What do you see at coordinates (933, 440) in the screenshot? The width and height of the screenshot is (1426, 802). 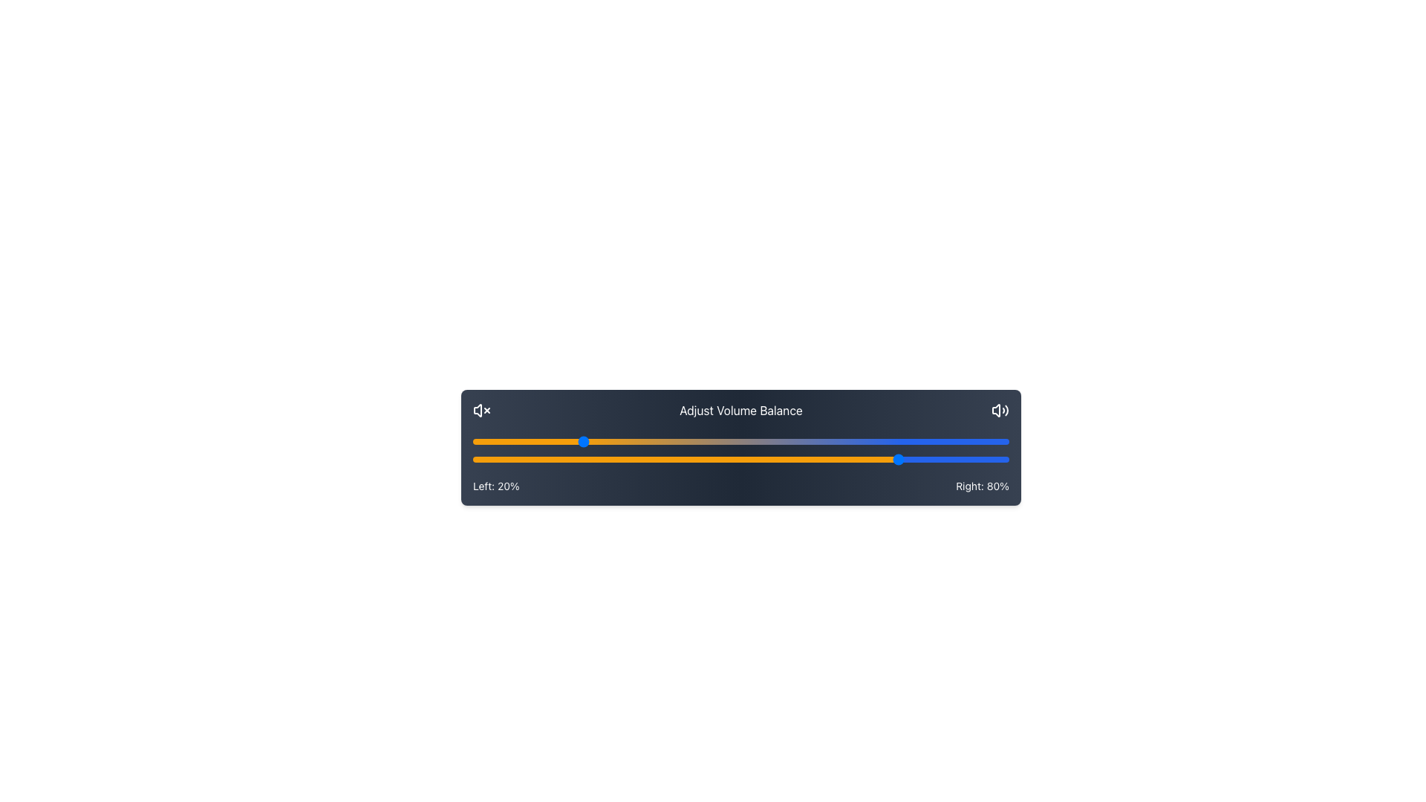 I see `the left balance` at bounding box center [933, 440].